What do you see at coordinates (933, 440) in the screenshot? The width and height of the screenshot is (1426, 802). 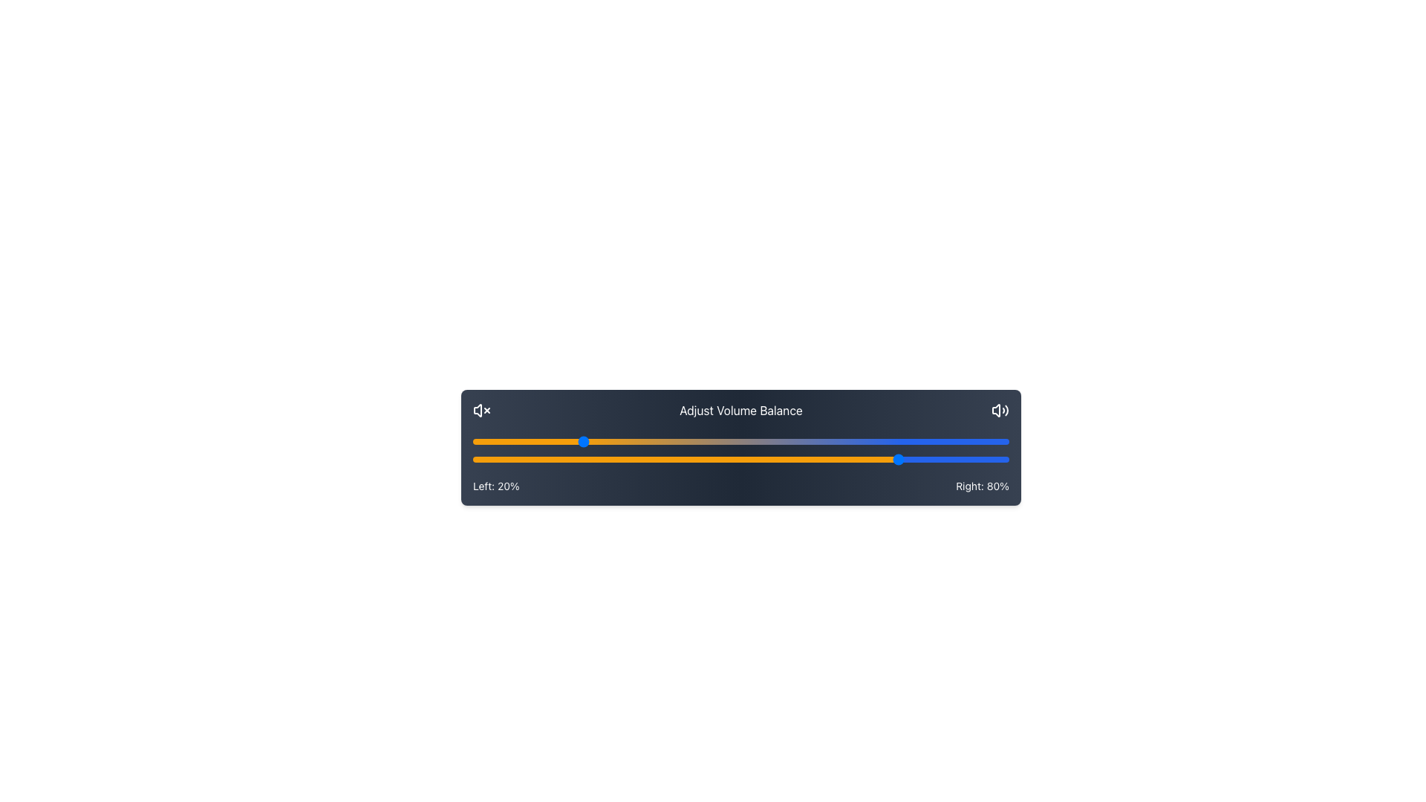 I see `the left balance` at bounding box center [933, 440].